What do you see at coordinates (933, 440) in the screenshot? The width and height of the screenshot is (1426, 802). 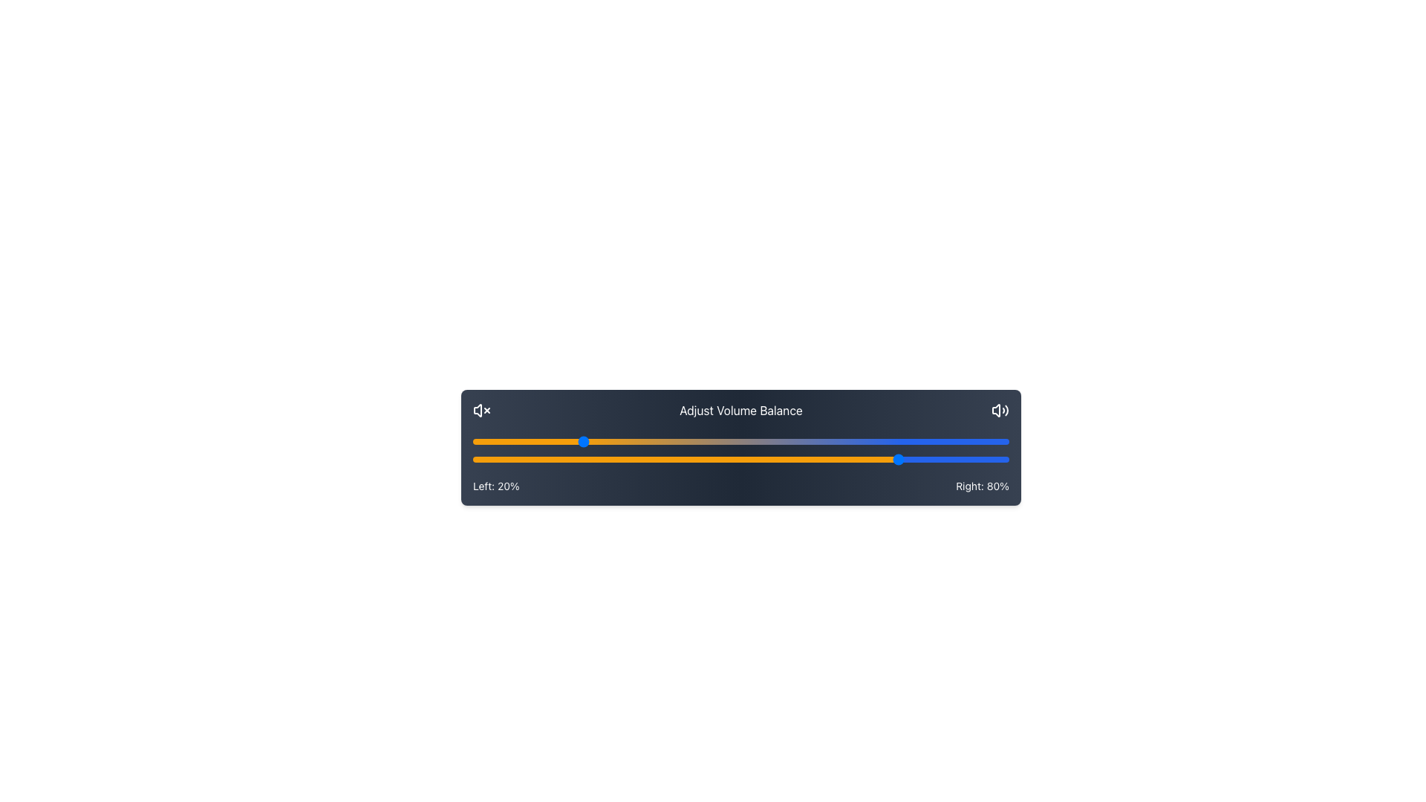 I see `the left balance` at bounding box center [933, 440].